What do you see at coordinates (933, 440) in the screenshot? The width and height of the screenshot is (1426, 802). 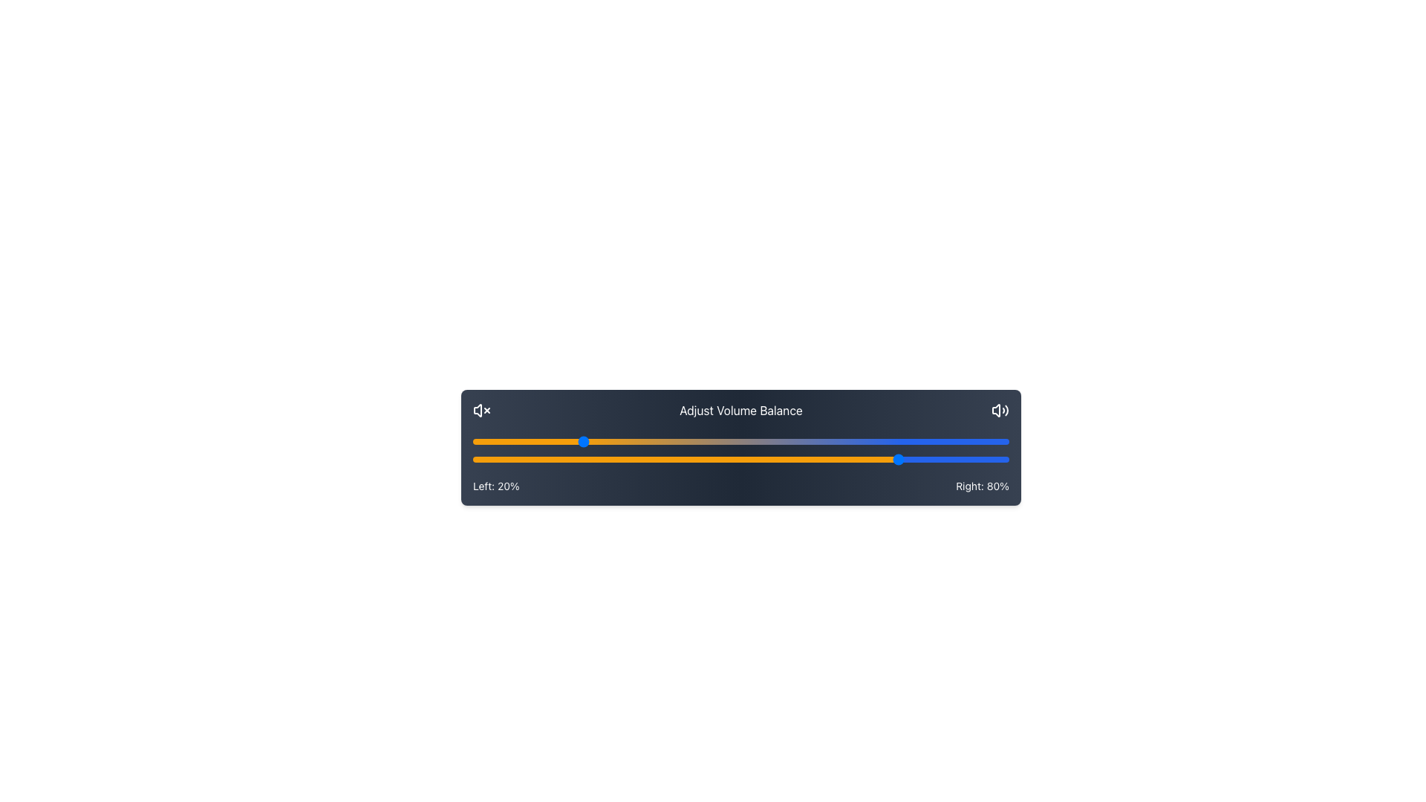 I see `the left balance` at bounding box center [933, 440].